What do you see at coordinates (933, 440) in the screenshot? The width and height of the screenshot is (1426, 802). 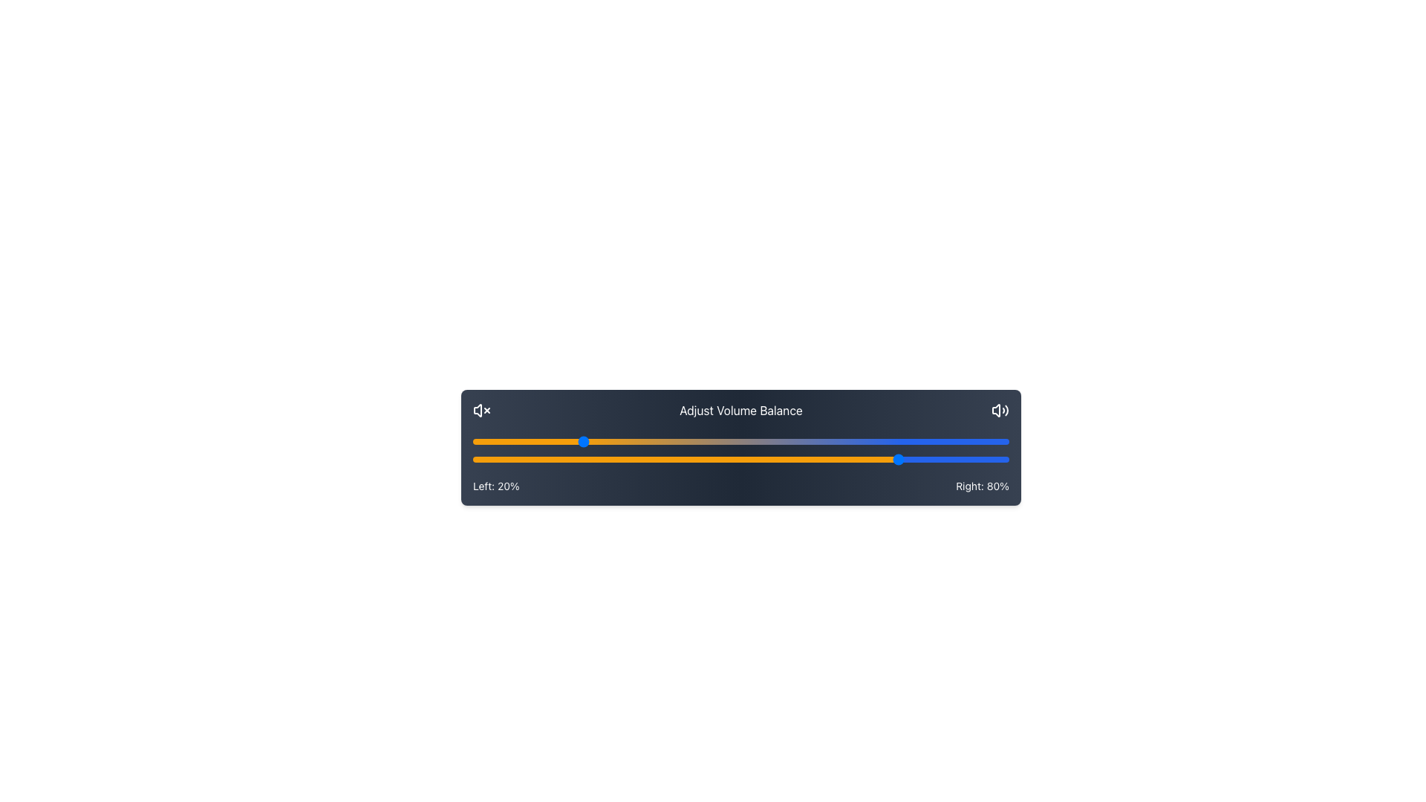 I see `the left balance` at bounding box center [933, 440].